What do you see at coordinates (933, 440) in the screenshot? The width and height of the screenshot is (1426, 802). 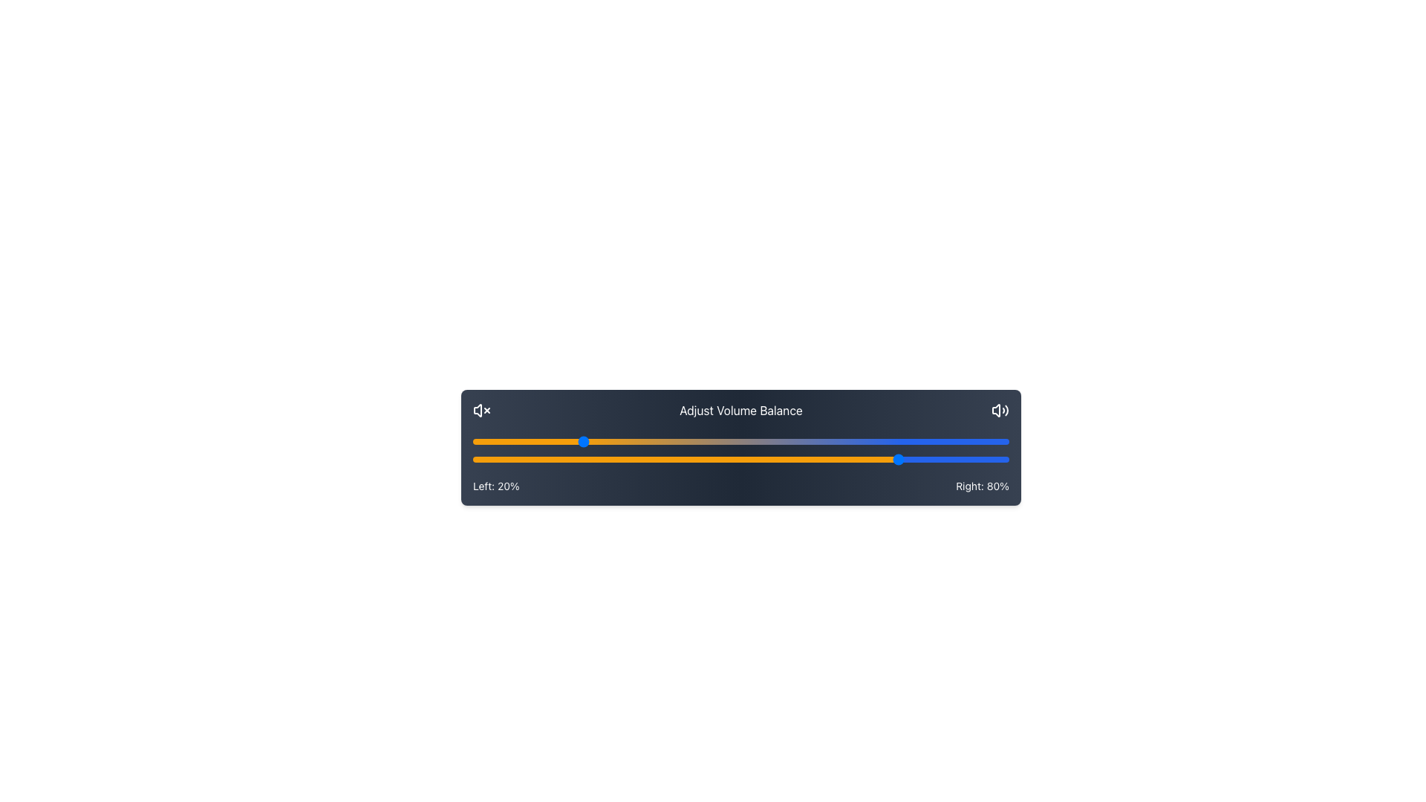 I see `the left balance` at bounding box center [933, 440].